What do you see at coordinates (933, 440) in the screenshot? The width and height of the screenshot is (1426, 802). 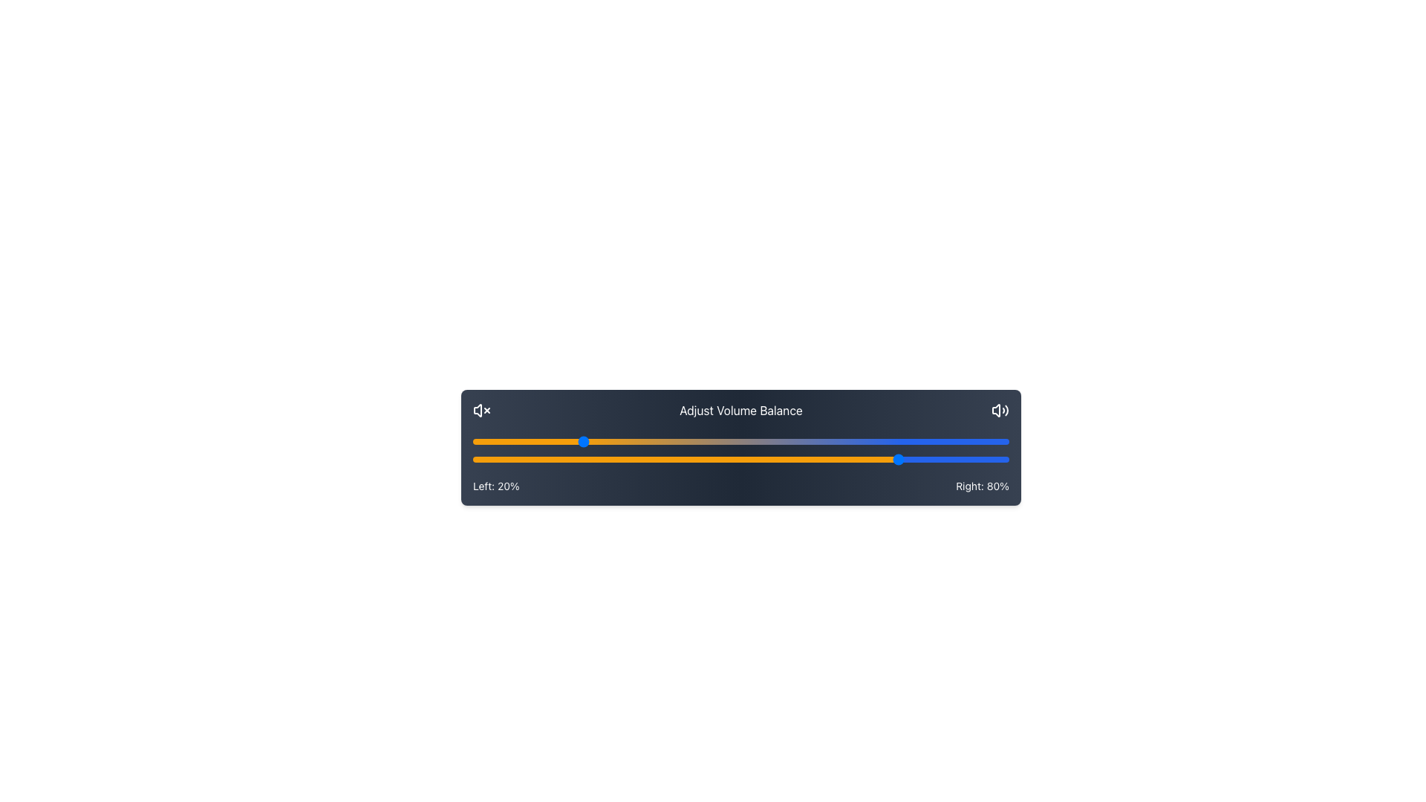 I see `the left balance` at bounding box center [933, 440].